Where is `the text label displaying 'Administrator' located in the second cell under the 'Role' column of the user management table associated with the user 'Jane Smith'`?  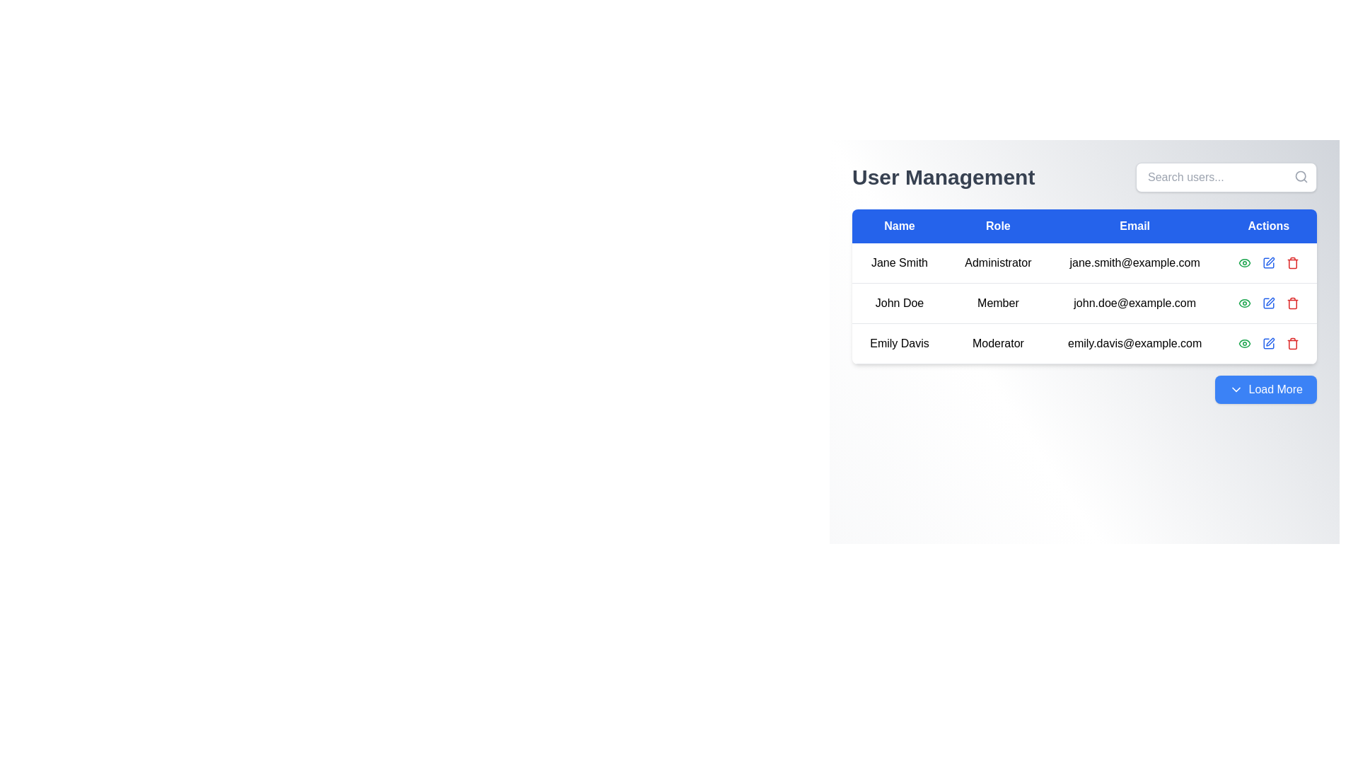 the text label displaying 'Administrator' located in the second cell under the 'Role' column of the user management table associated with the user 'Jane Smith' is located at coordinates (997, 263).